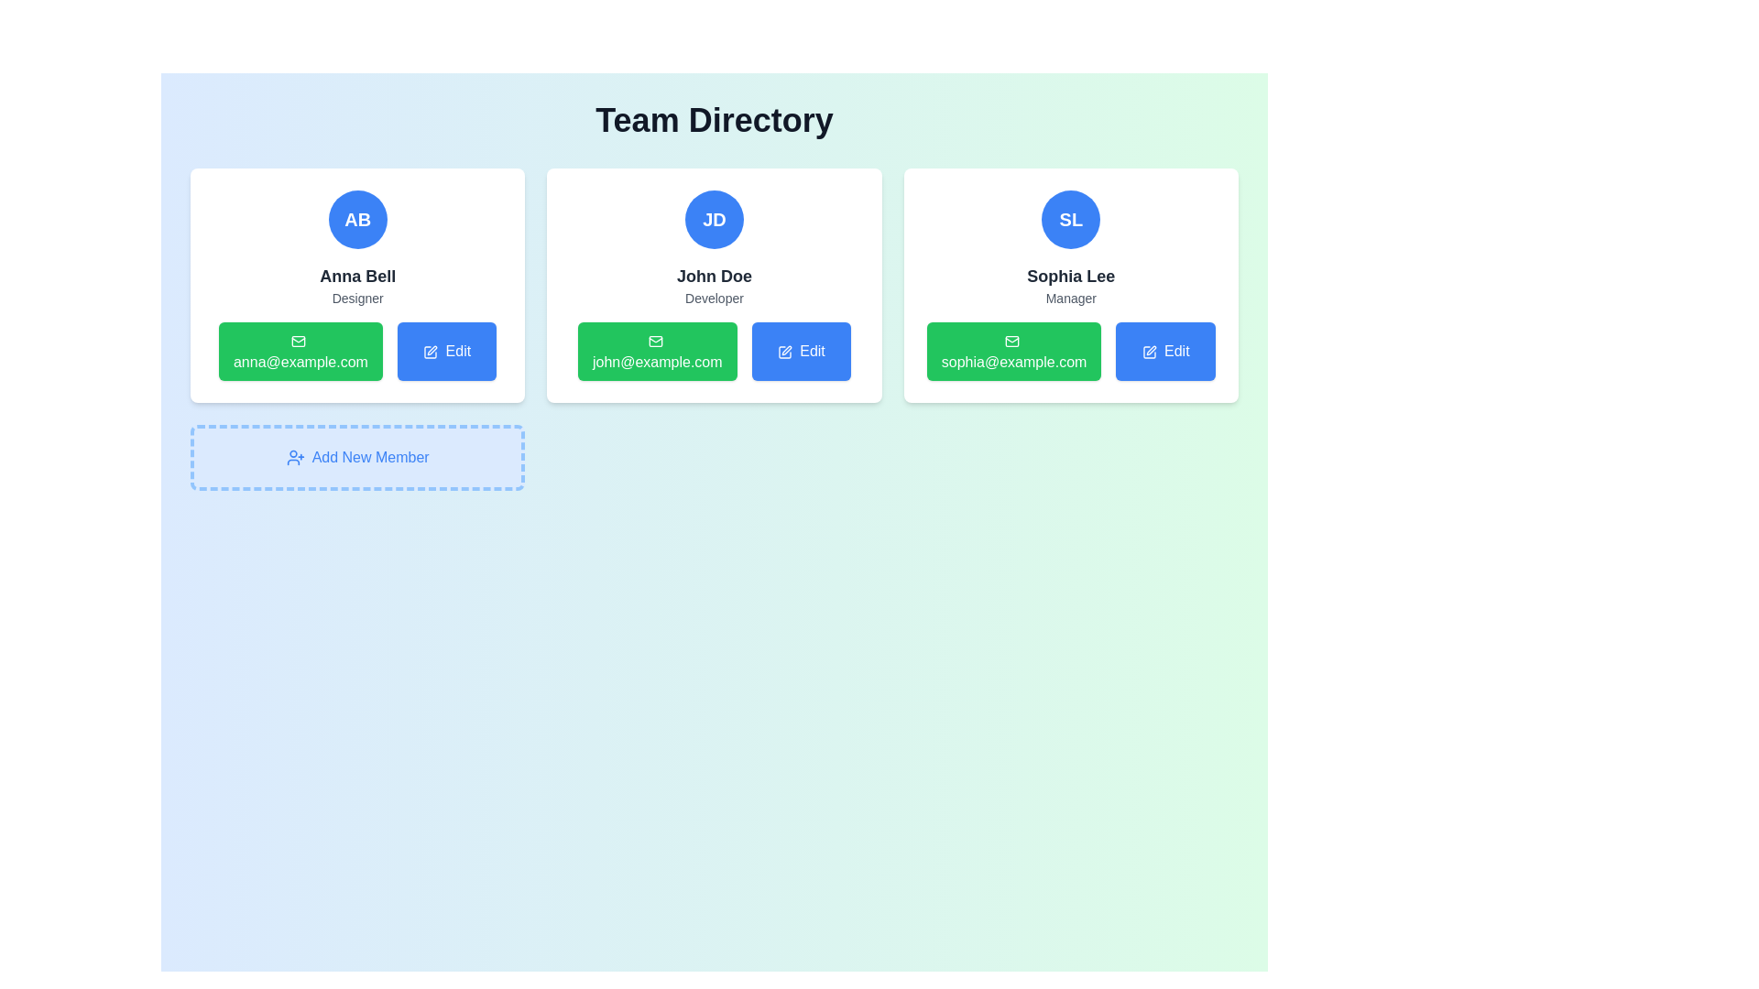 This screenshot has width=1759, height=989. Describe the element at coordinates (357, 286) in the screenshot. I see `the text block that displays the name and role of the individual in the leftmost card, positioned beneath the blue profile avatar labeled 'AB' and above the buttons labeled 'anna@example.com' and 'Edit'` at that location.